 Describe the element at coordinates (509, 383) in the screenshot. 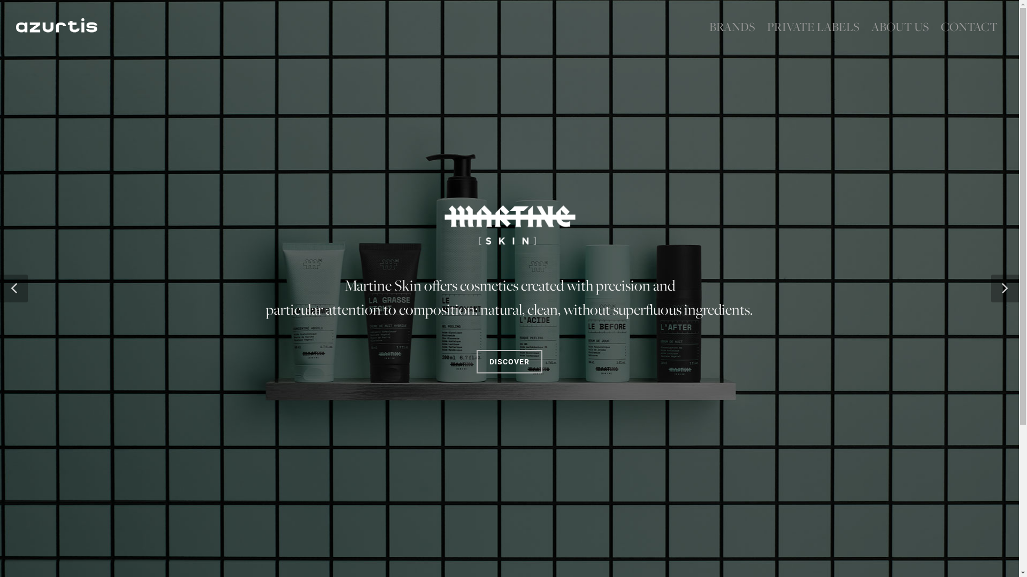

I see `'DISCOVER'` at that location.